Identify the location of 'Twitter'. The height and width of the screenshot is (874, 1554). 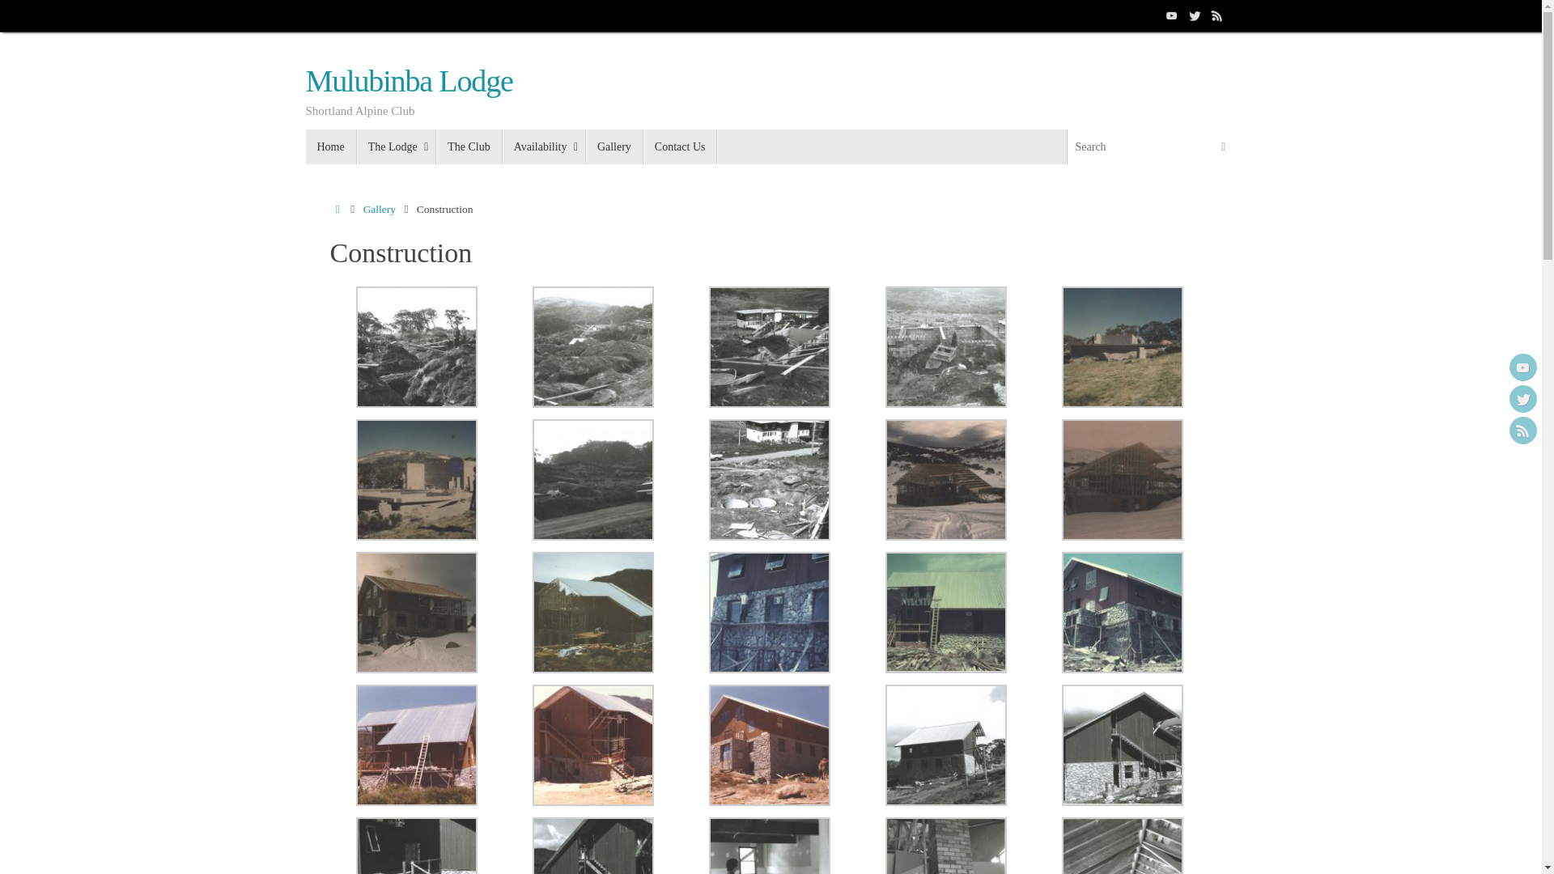
(1195, 15).